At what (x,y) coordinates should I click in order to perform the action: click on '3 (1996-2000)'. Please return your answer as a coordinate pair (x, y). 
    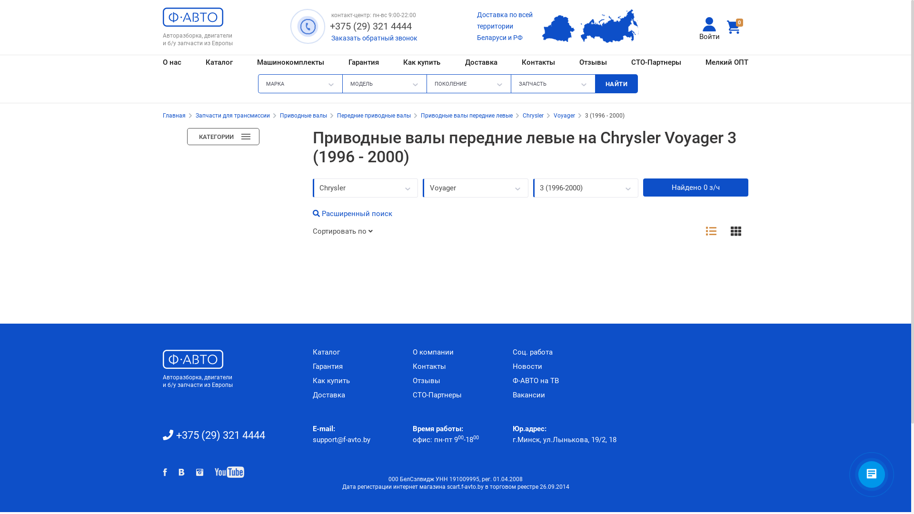
    Looking at the image, I should click on (532, 188).